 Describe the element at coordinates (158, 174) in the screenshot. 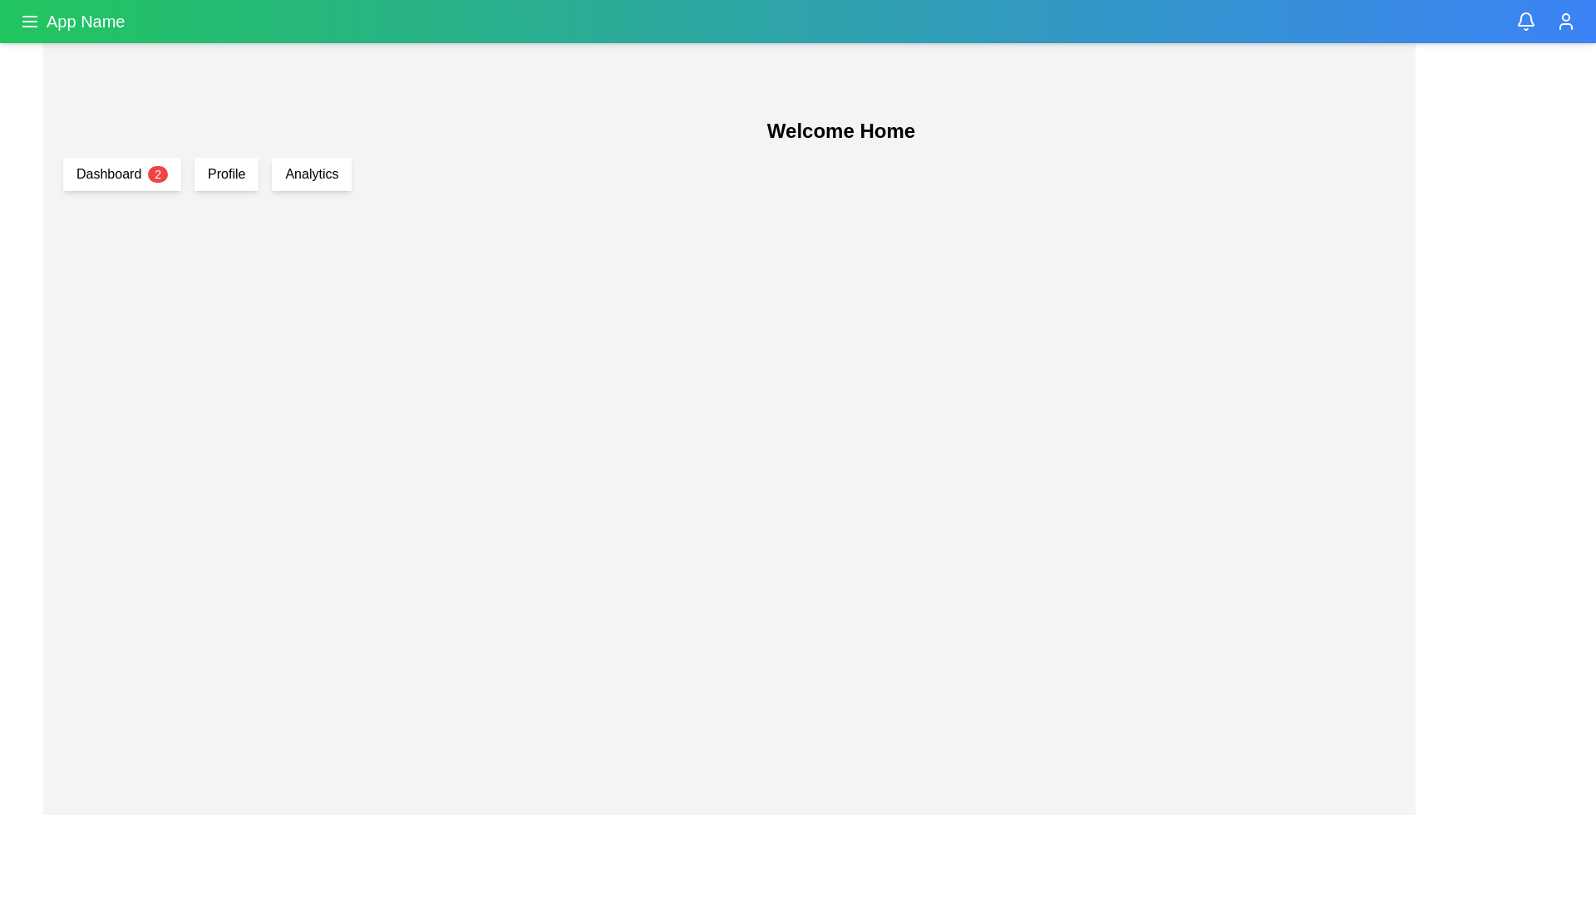

I see `the small circular badge with a red background and white text displaying the number '2', located to the immediate right of the text 'Dashboard' within the 'Dashboard' card` at that location.